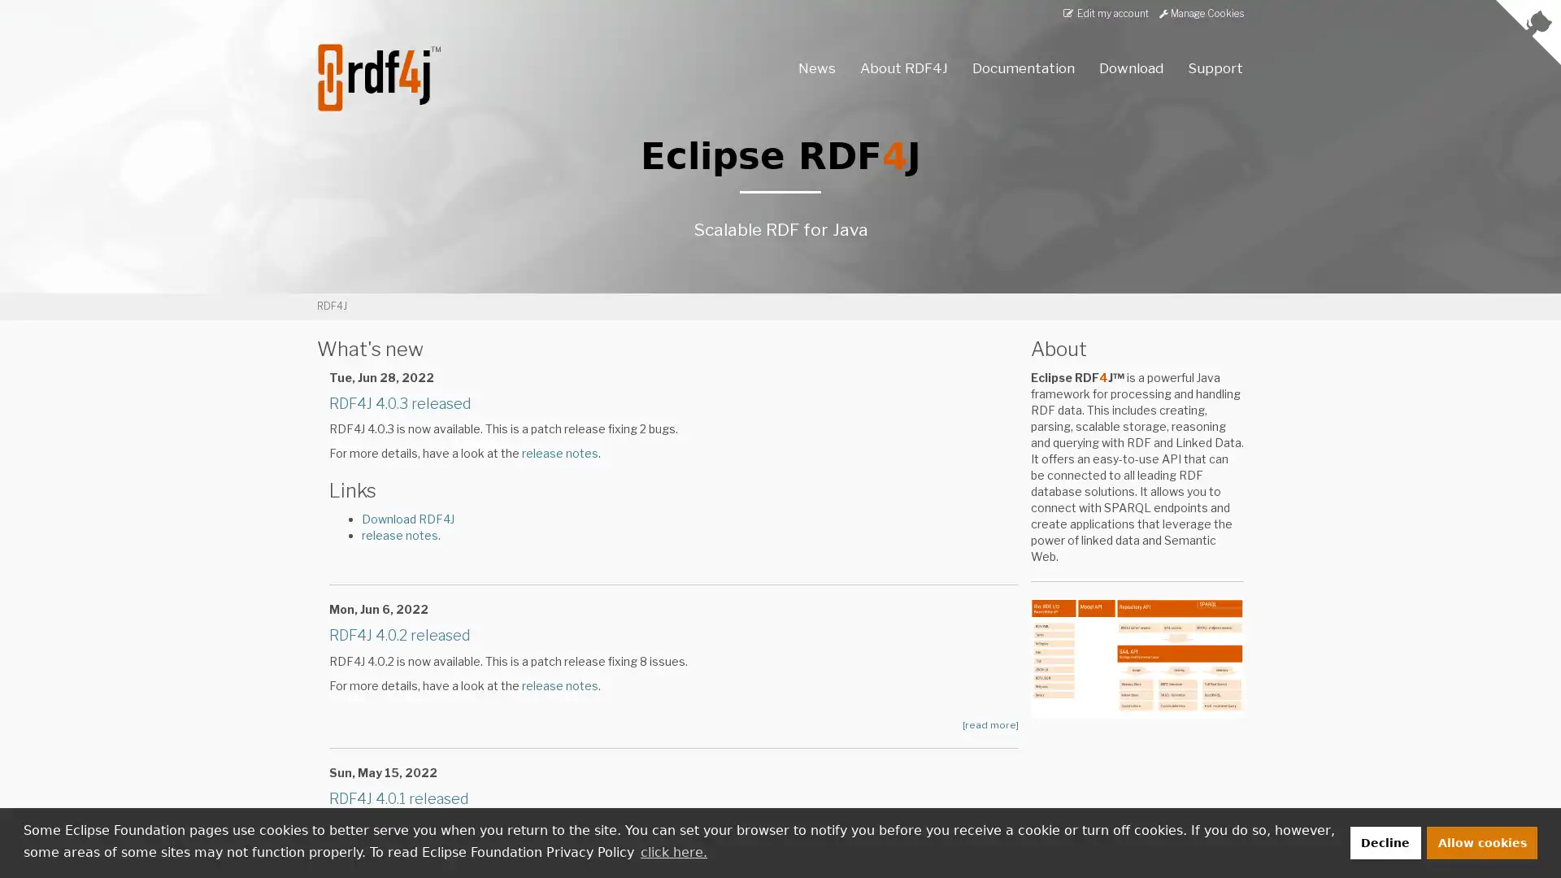 The height and width of the screenshot is (878, 1561). What do you see at coordinates (1384, 841) in the screenshot?
I see `deny cookies` at bounding box center [1384, 841].